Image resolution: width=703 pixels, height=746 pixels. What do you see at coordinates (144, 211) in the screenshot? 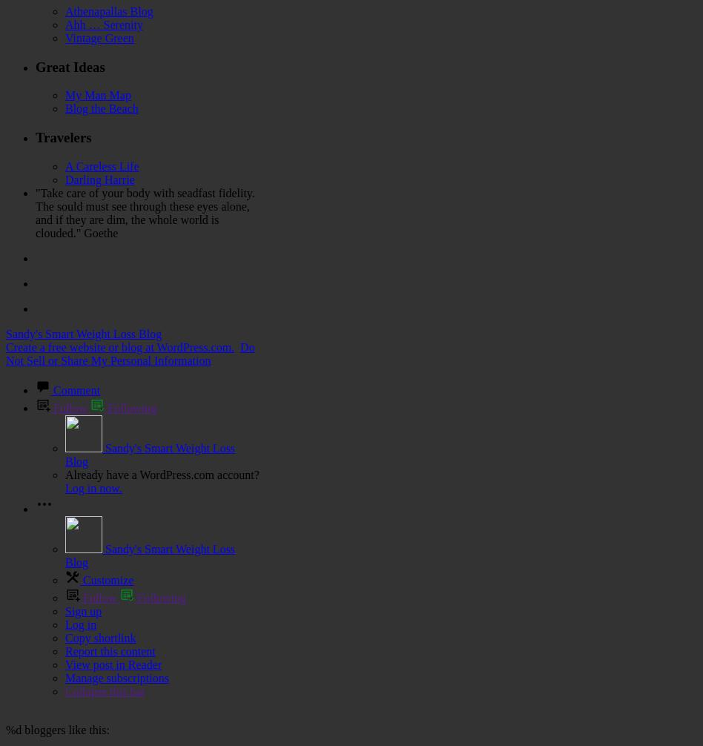
I see `'"Take care of your body with seadfast fidelity. The sould must see through these eyes alone, and if they are dim, the whole world is clouded."
                                                                                            Goethe'` at bounding box center [144, 211].